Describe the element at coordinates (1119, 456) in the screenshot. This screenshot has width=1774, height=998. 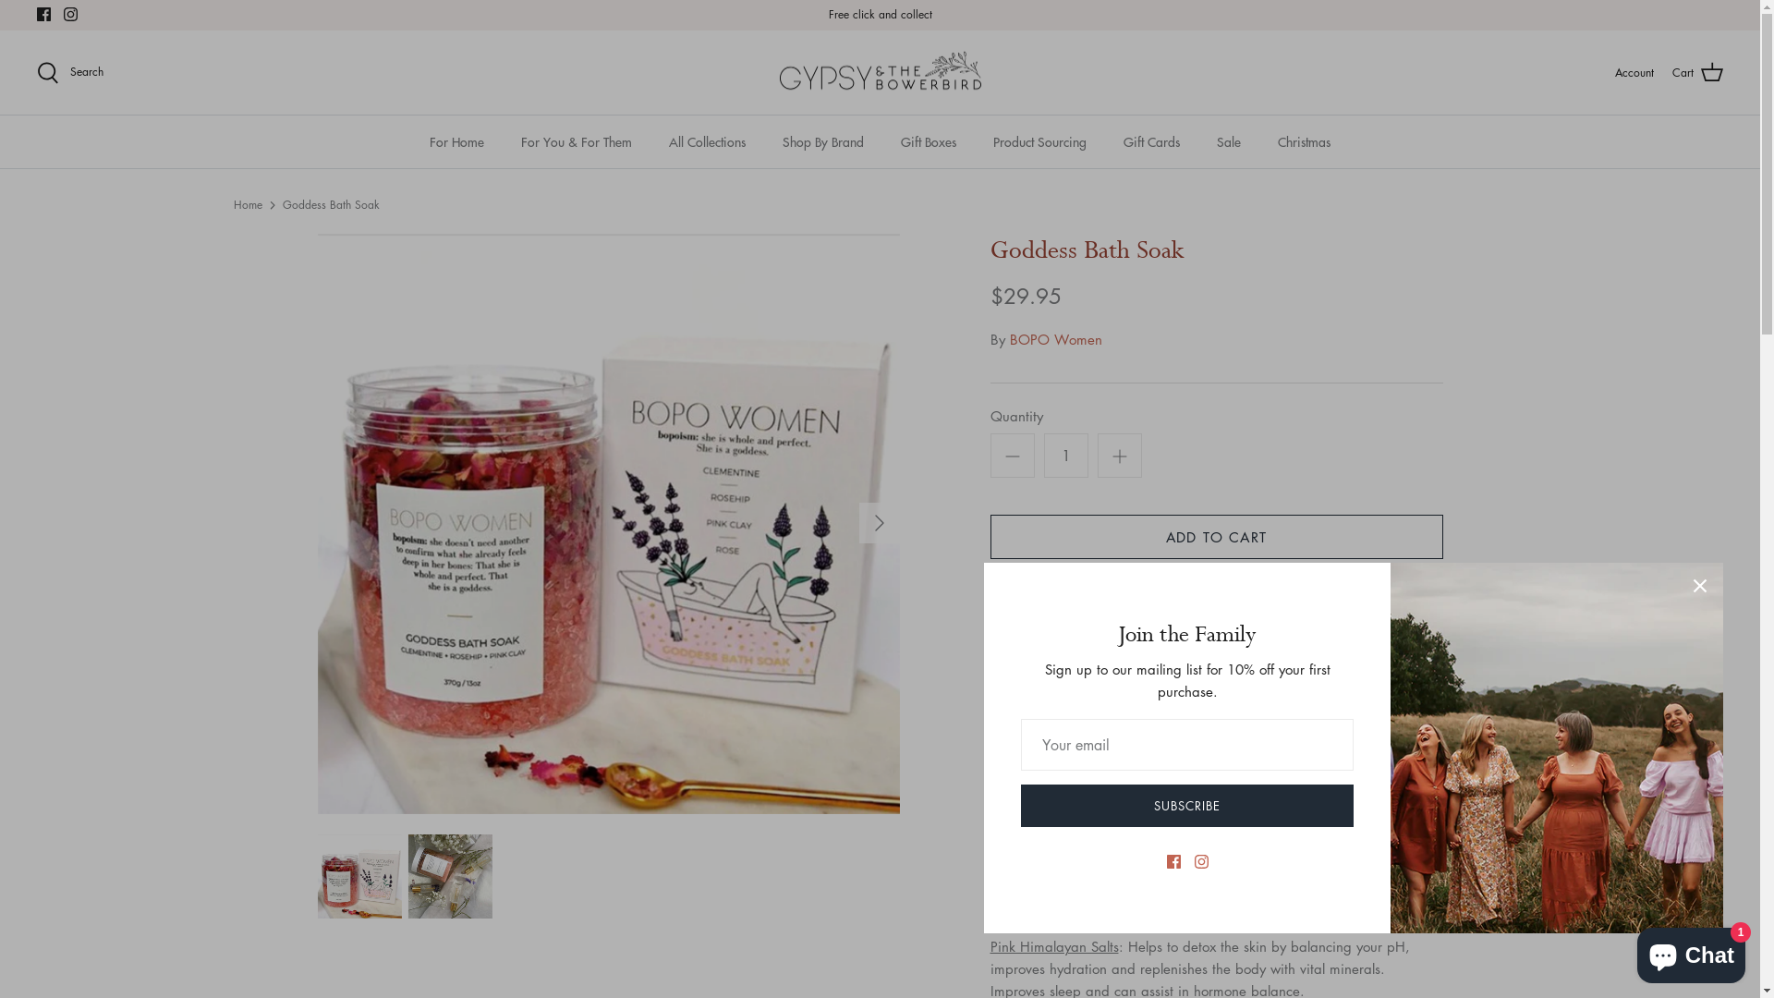
I see `'Plus'` at that location.